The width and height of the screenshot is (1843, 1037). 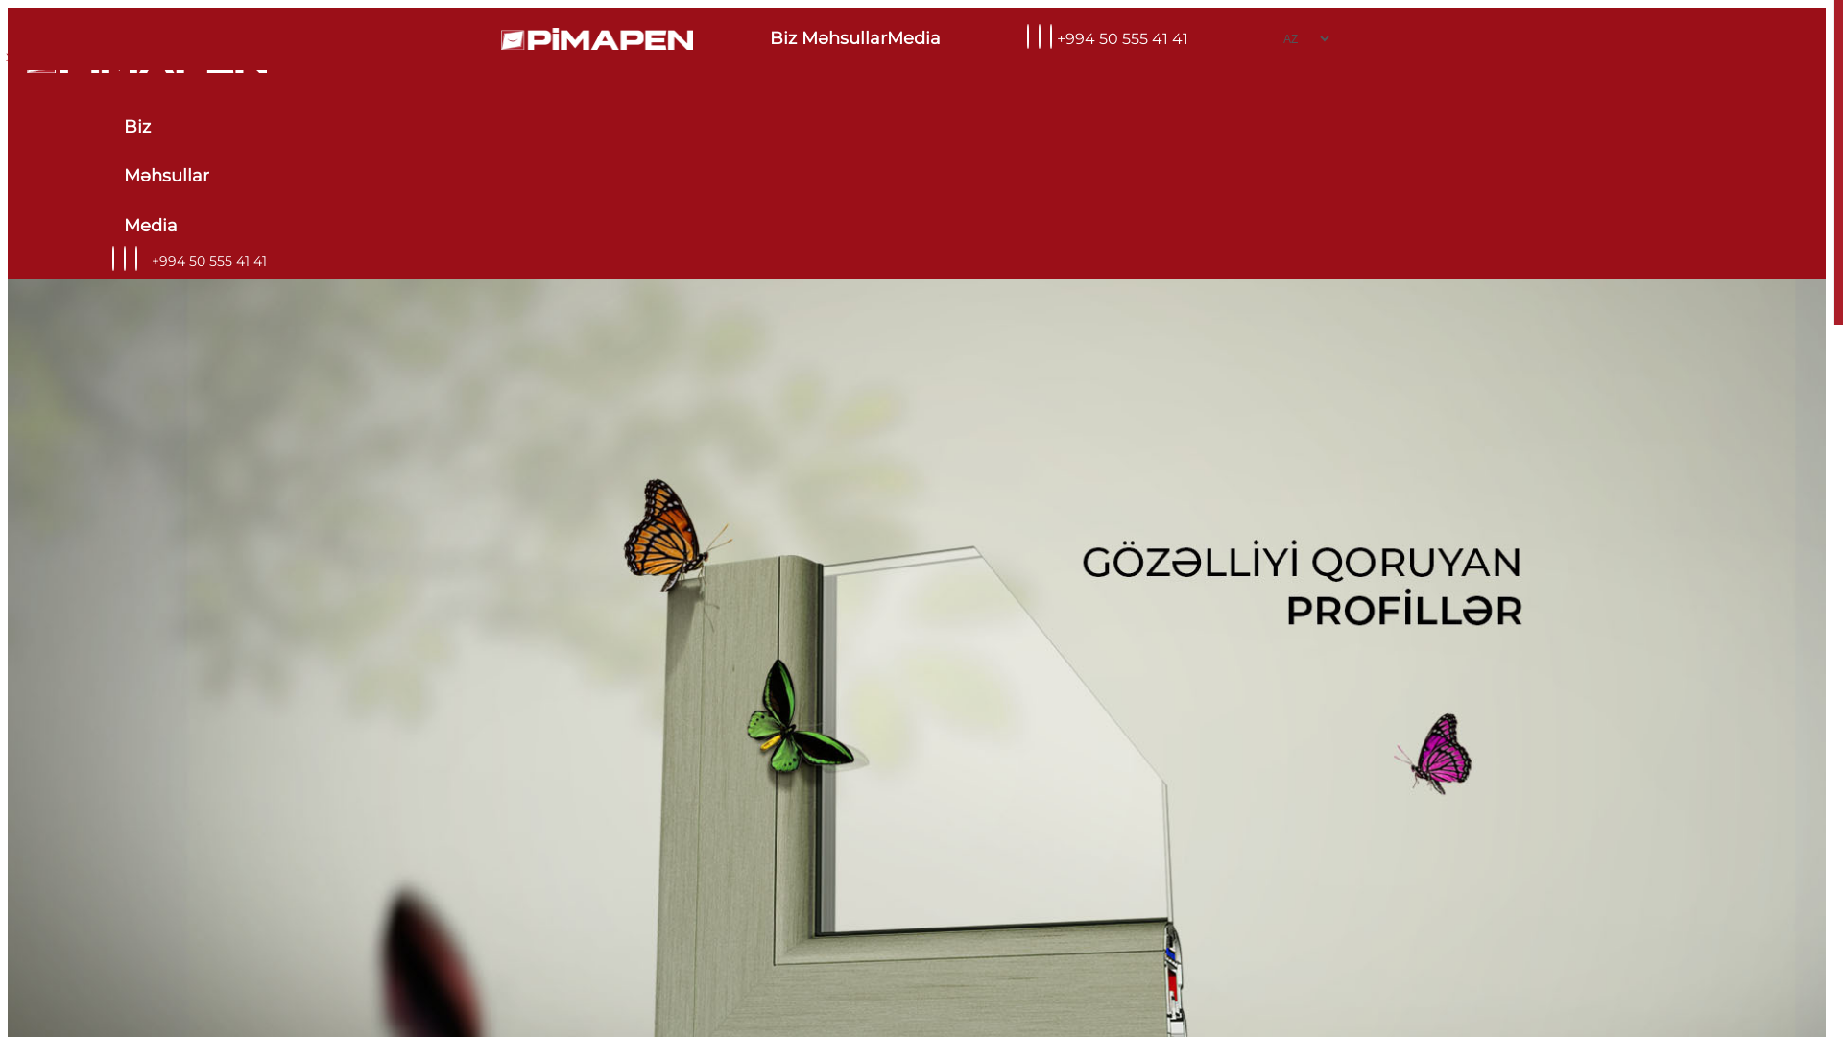 What do you see at coordinates (308, 56) in the screenshot?
I see `'KATALOQ'` at bounding box center [308, 56].